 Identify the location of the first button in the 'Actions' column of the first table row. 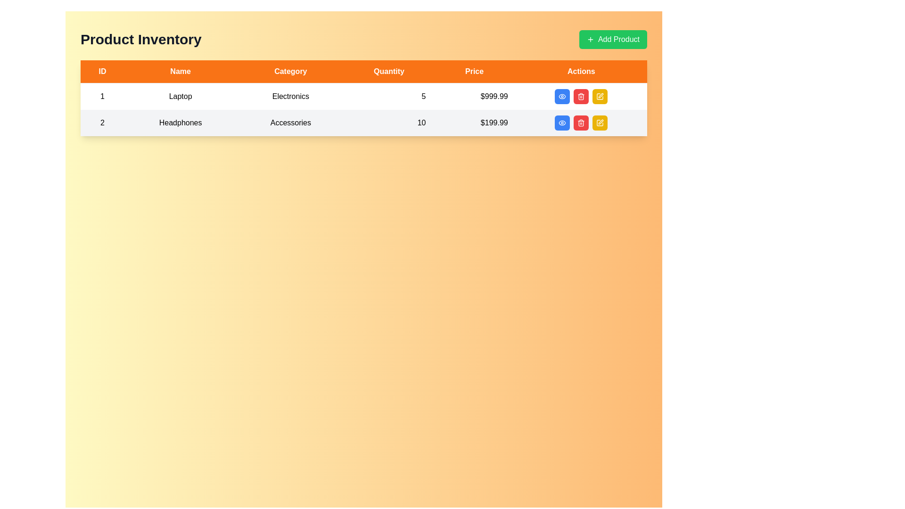
(562, 96).